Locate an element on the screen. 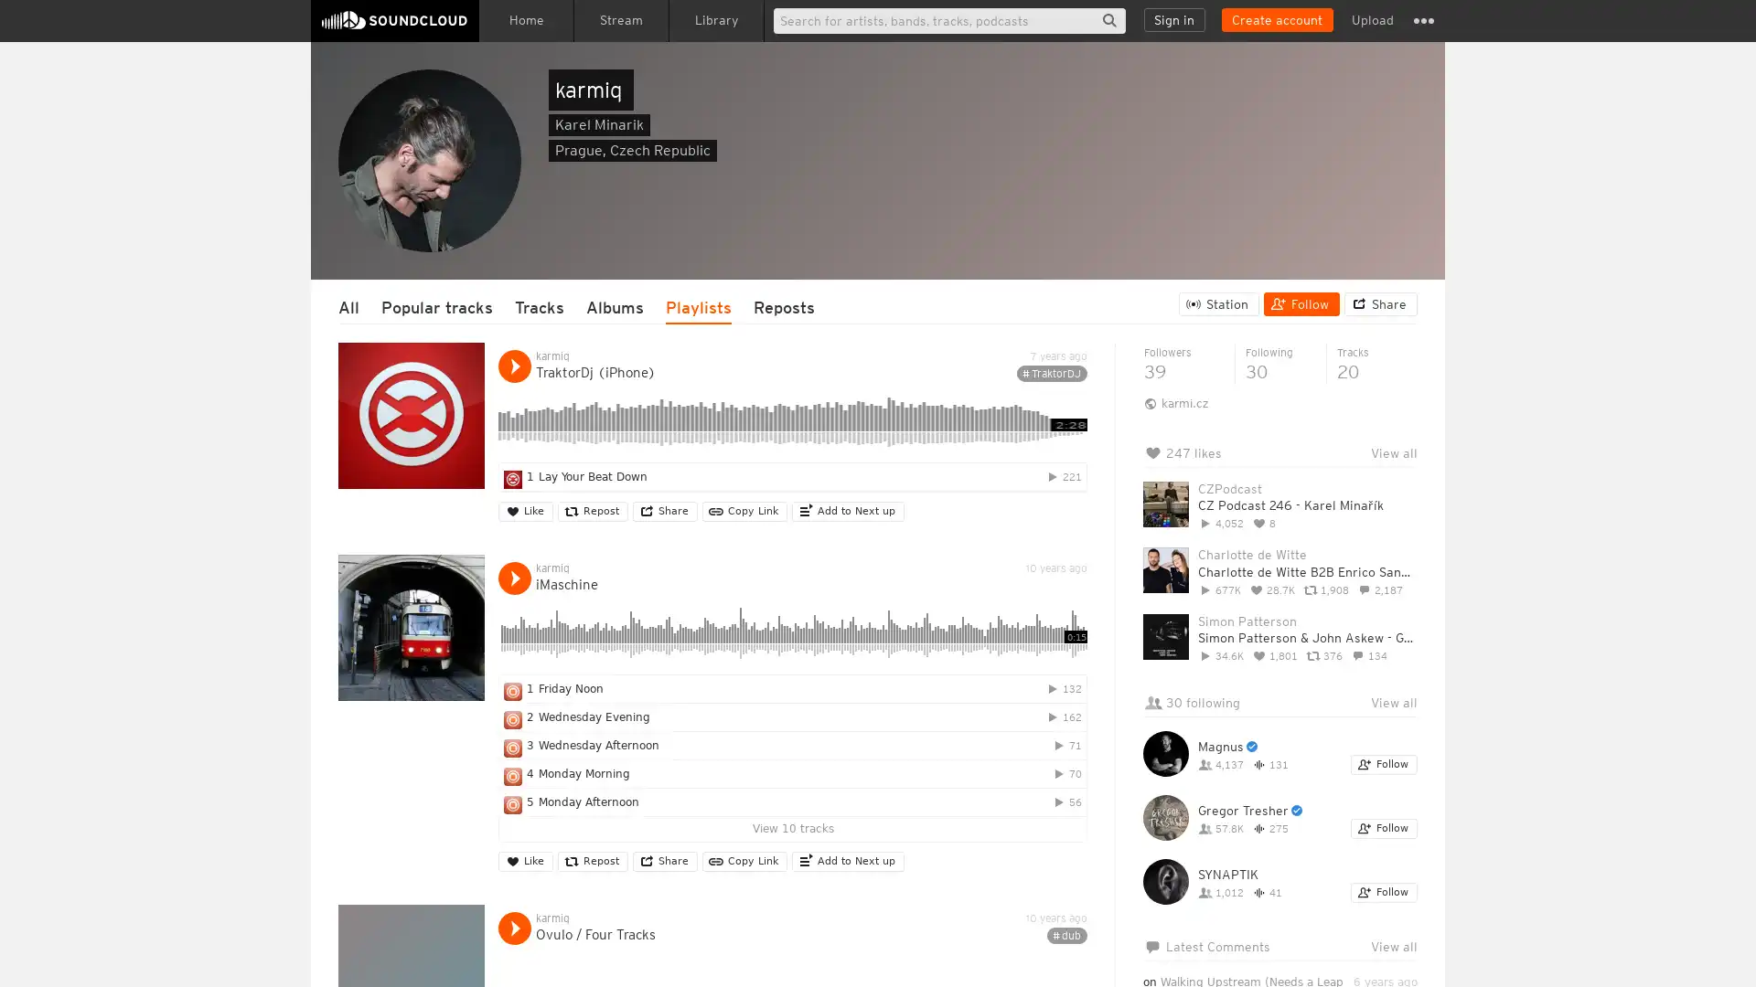 The width and height of the screenshot is (1756, 987). Play is located at coordinates (513, 578).